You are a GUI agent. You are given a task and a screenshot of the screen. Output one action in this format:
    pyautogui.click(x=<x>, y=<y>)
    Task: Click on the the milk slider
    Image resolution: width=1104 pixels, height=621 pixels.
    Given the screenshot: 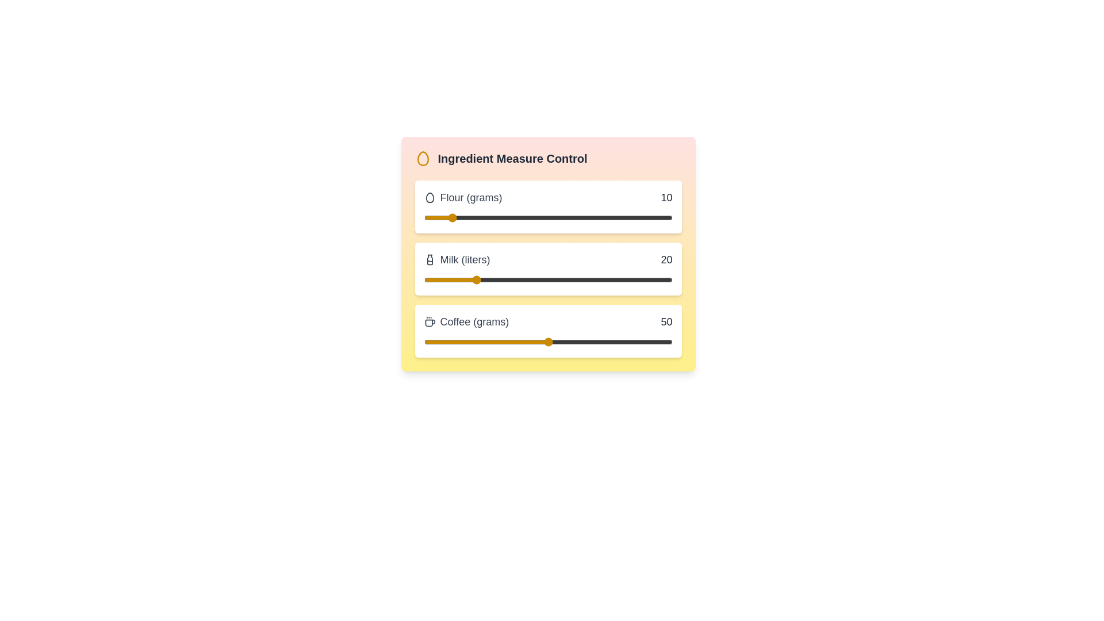 What is the action you would take?
    pyautogui.click(x=532, y=279)
    